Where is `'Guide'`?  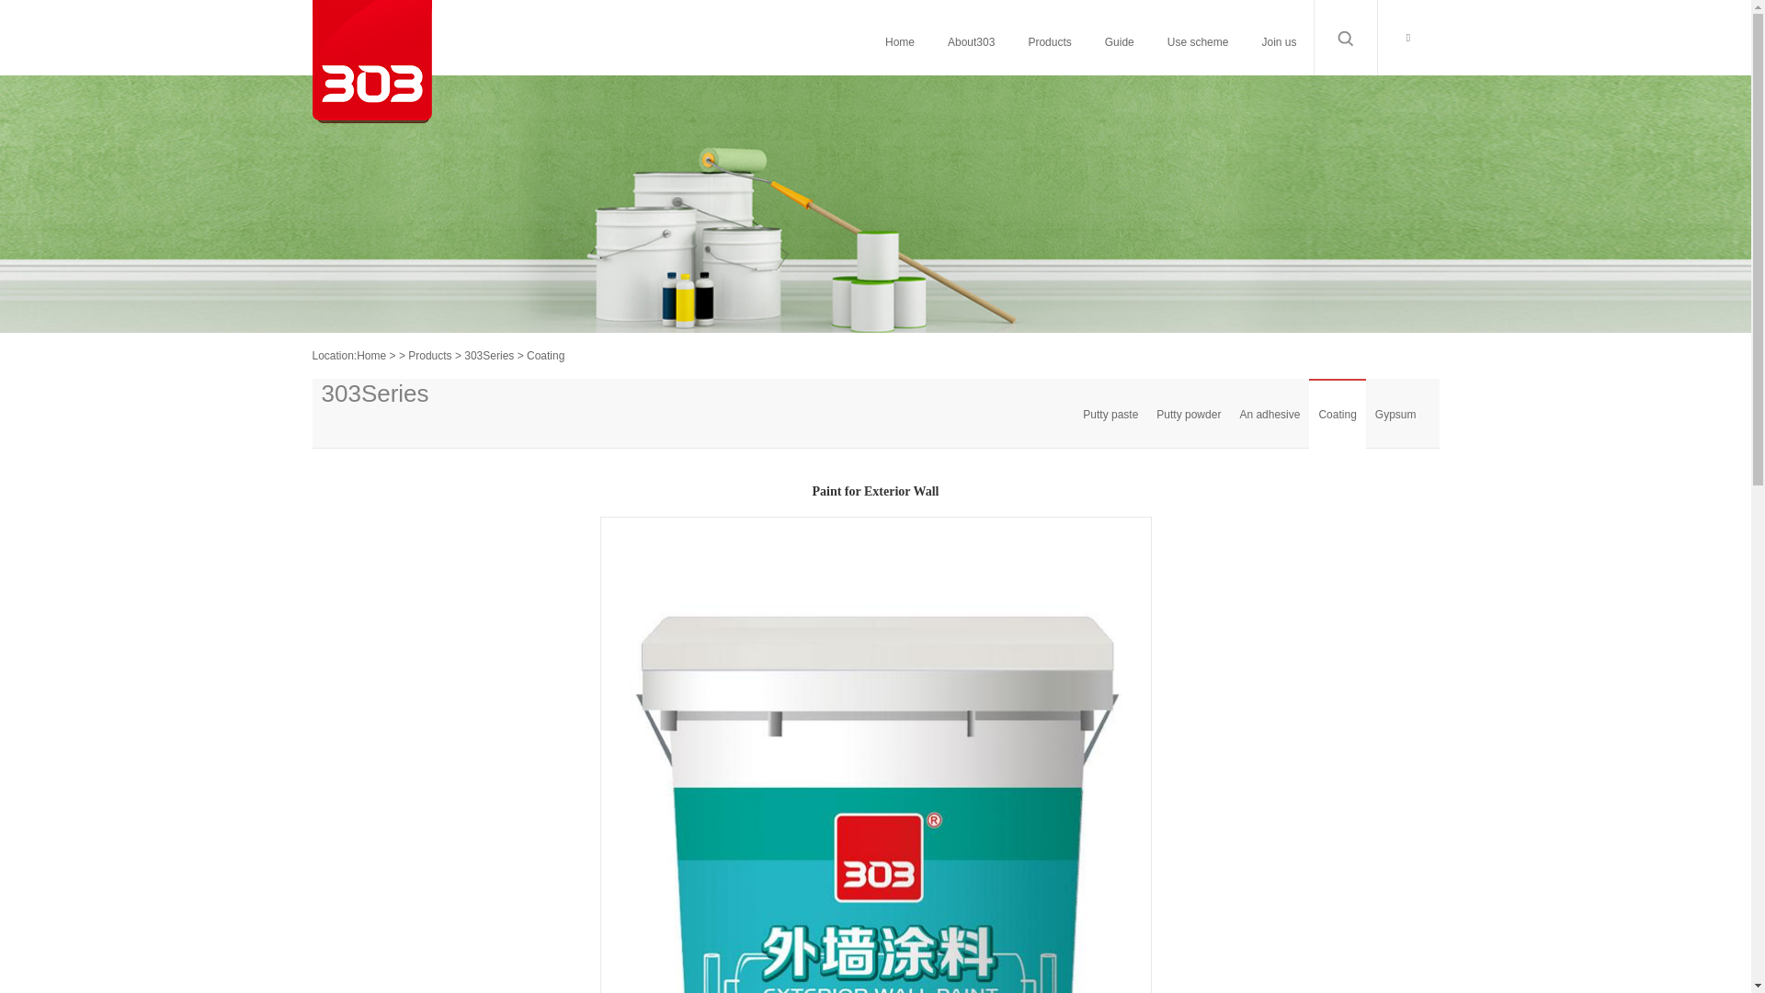
'Guide' is located at coordinates (1119, 41).